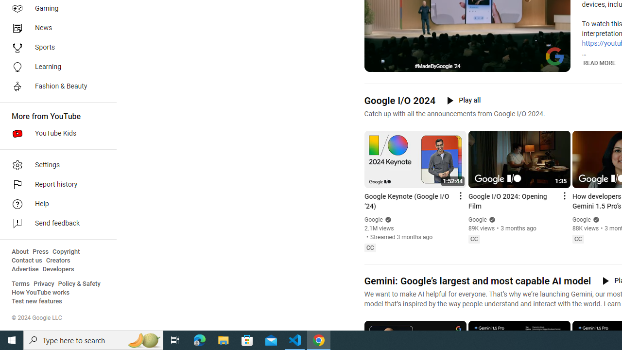 The image size is (622, 350). What do you see at coordinates (27, 260) in the screenshot?
I see `'Contact us'` at bounding box center [27, 260].